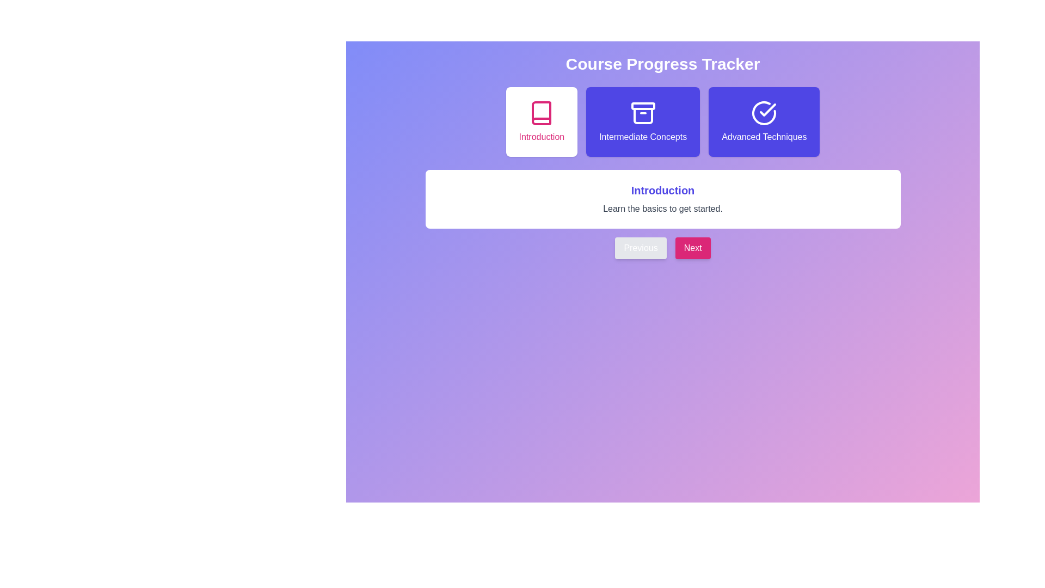 Image resolution: width=1045 pixels, height=588 pixels. Describe the element at coordinates (692, 248) in the screenshot. I see `the 'Next' button to navigate to the next module` at that location.